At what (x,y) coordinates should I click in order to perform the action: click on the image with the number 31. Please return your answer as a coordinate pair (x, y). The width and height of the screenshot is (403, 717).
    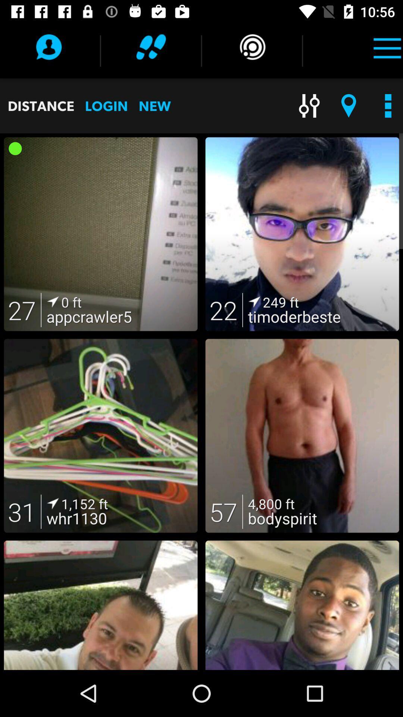
    Looking at the image, I should click on (101, 436).